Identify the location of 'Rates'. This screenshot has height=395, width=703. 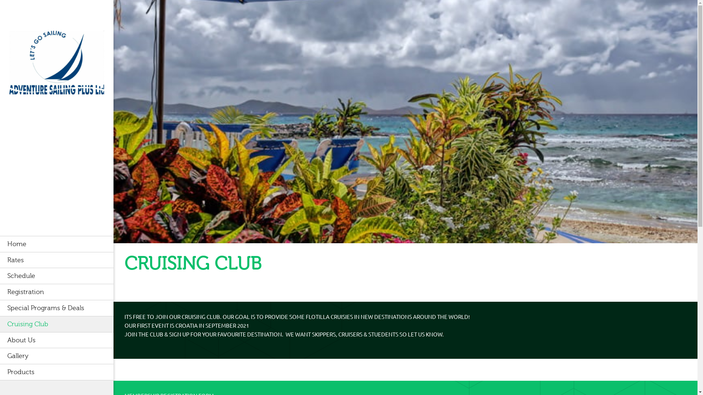
(56, 259).